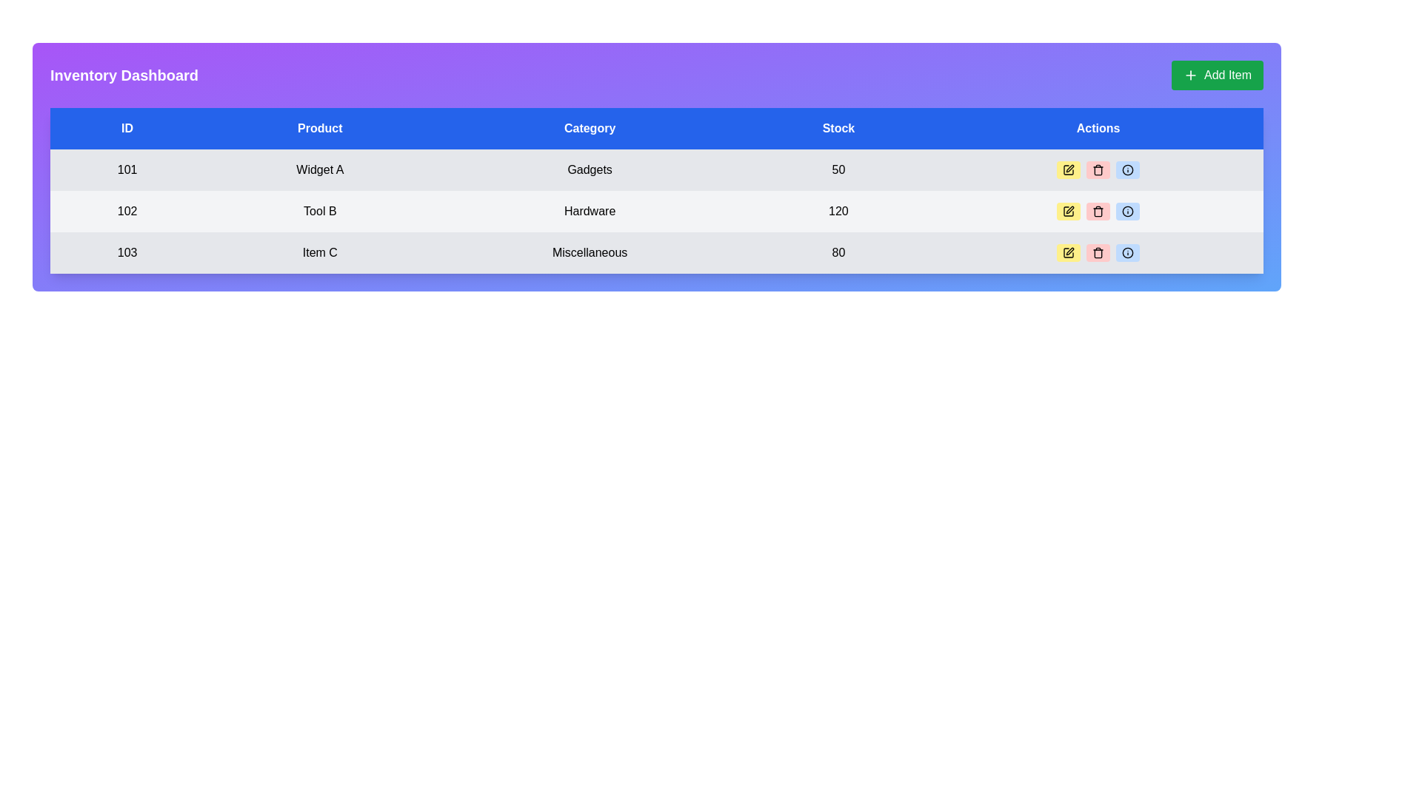 The height and width of the screenshot is (799, 1422). What do you see at coordinates (1069, 252) in the screenshot?
I see `the small yellow pen icon in the 'Actions' column for the third row associated with 'Item C'` at bounding box center [1069, 252].